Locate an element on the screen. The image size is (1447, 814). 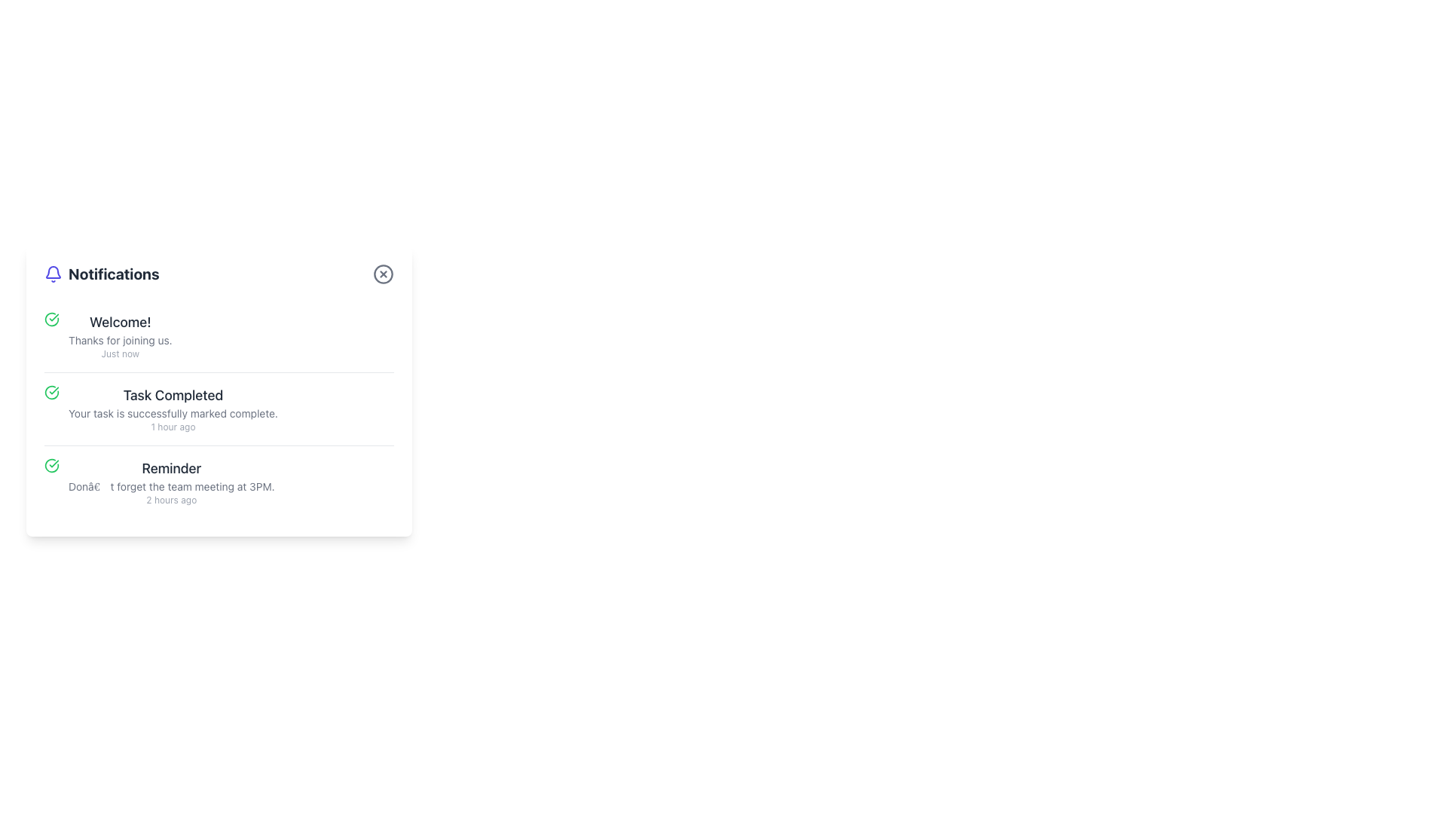
the timestamp text label that provides information on the creation or update time of the associated notification, located at the bottom of the notification card is located at coordinates (119, 354).